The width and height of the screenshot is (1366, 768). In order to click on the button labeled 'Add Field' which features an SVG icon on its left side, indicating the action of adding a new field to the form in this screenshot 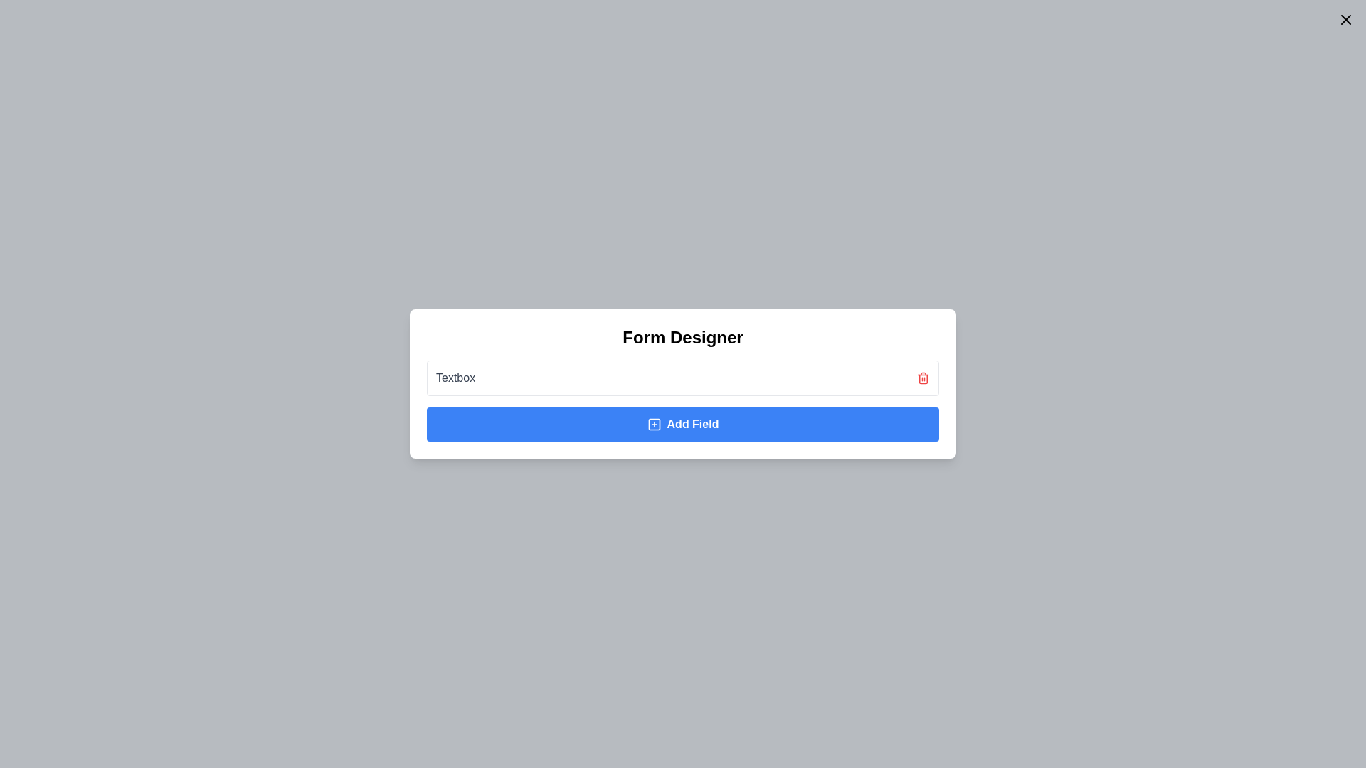, I will do `click(653, 424)`.